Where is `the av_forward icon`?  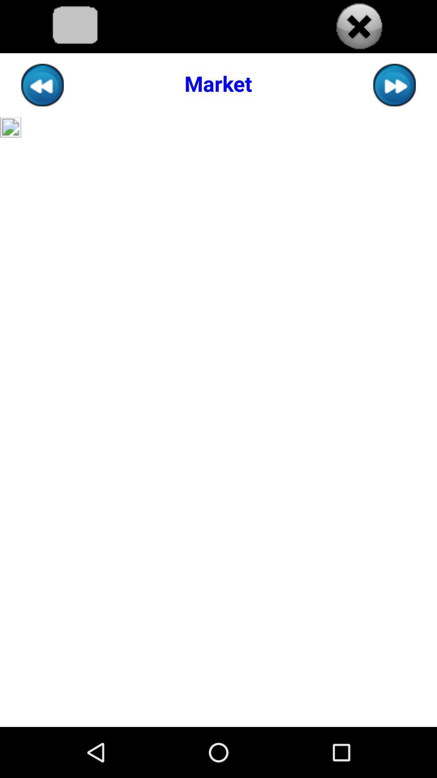 the av_forward icon is located at coordinates (394, 91).